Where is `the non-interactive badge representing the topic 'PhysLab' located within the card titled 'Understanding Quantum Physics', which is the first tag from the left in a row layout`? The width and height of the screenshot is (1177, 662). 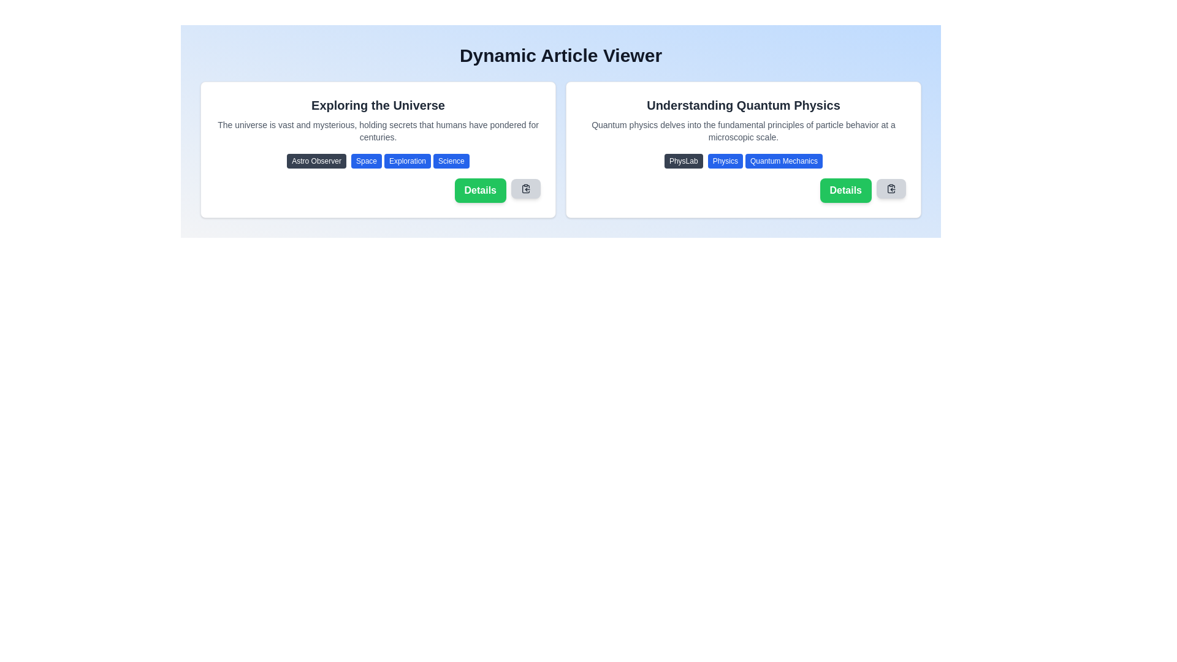
the non-interactive badge representing the topic 'PhysLab' located within the card titled 'Understanding Quantum Physics', which is the first tag from the left in a row layout is located at coordinates (683, 160).